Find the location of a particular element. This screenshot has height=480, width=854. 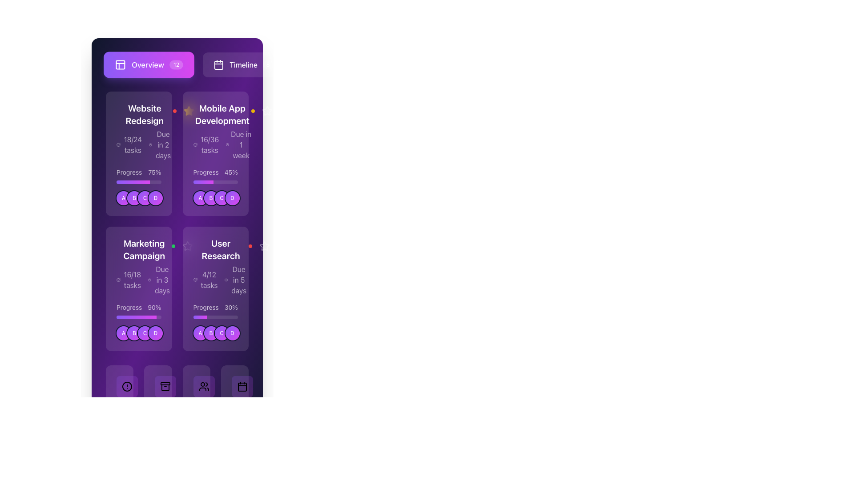

the static text label indicating the task deadline, which is located in the top-right corner of the 'Mobile App Development' card, next to a clock icon is located at coordinates (241, 144).